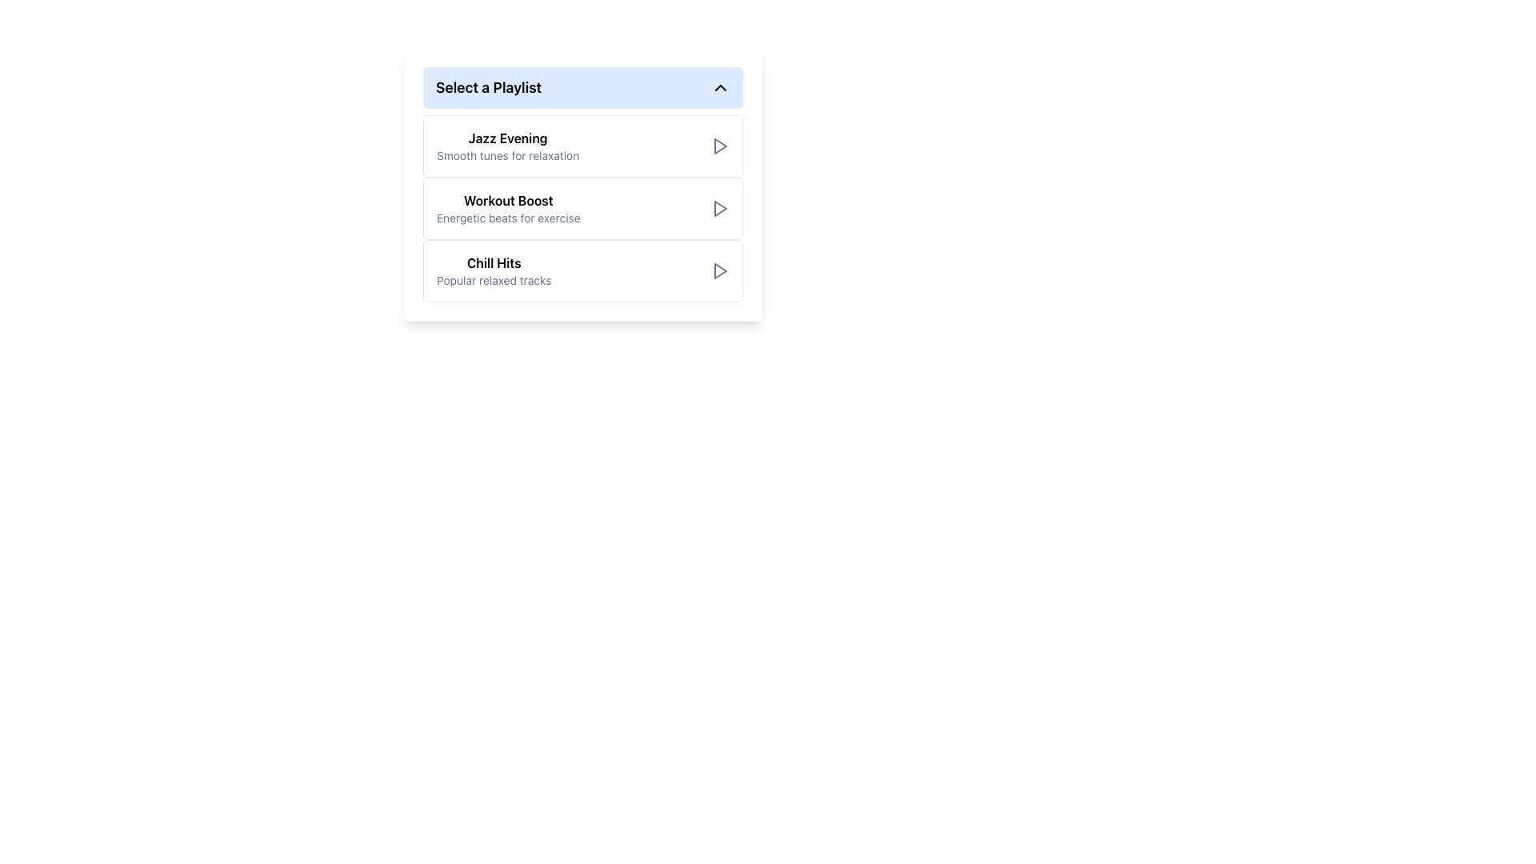 The height and width of the screenshot is (864, 1536). Describe the element at coordinates (582, 208) in the screenshot. I see `the 'Workout Boost' playlist button, which is the second item in a vertical list of playlist options, located directly below 'Jazz Evening'` at that location.